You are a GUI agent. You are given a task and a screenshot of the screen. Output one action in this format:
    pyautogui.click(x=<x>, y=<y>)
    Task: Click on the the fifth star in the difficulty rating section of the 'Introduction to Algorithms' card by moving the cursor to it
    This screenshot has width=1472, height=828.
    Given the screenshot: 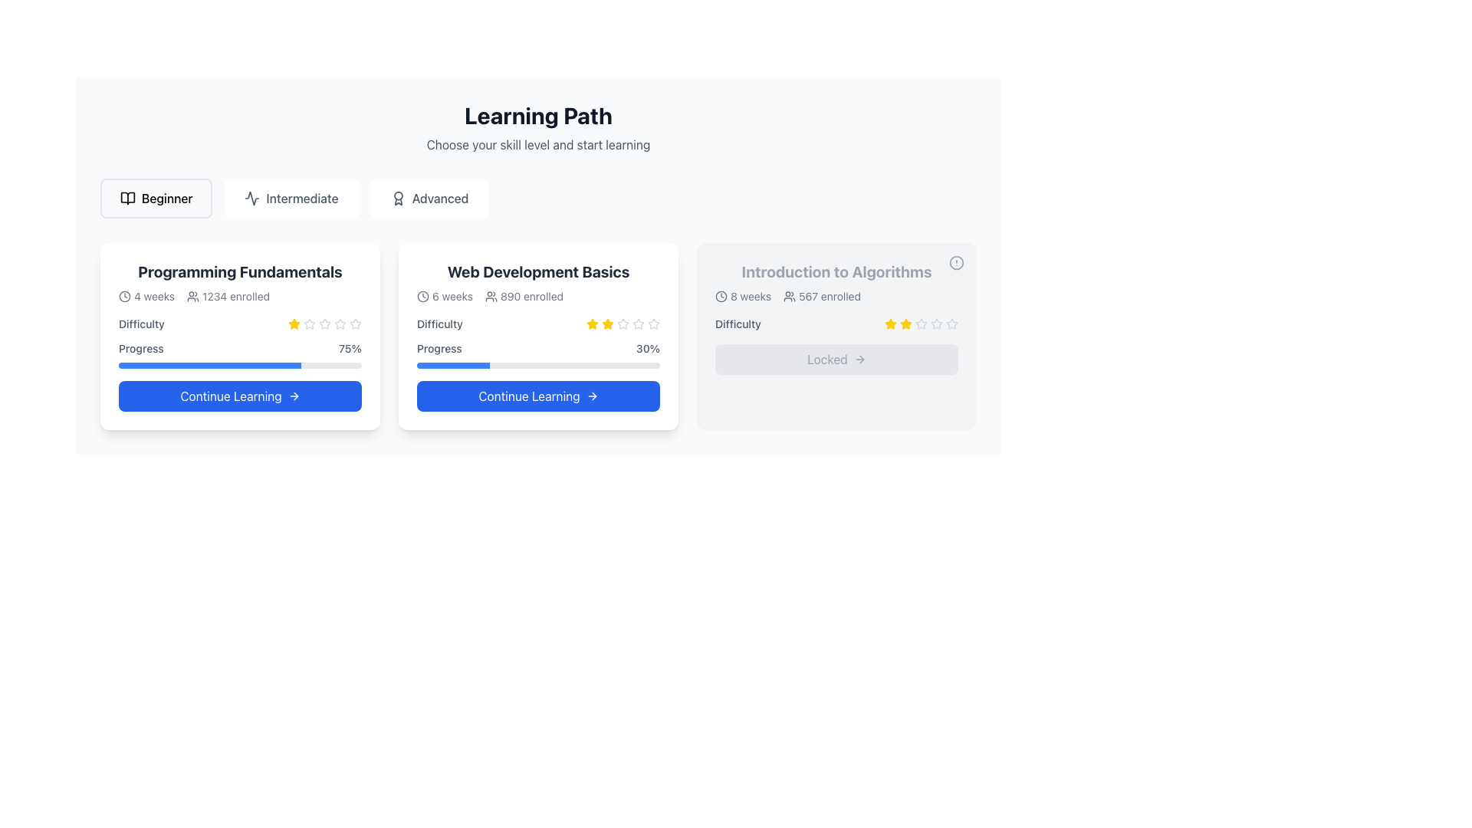 What is the action you would take?
    pyautogui.click(x=951, y=324)
    